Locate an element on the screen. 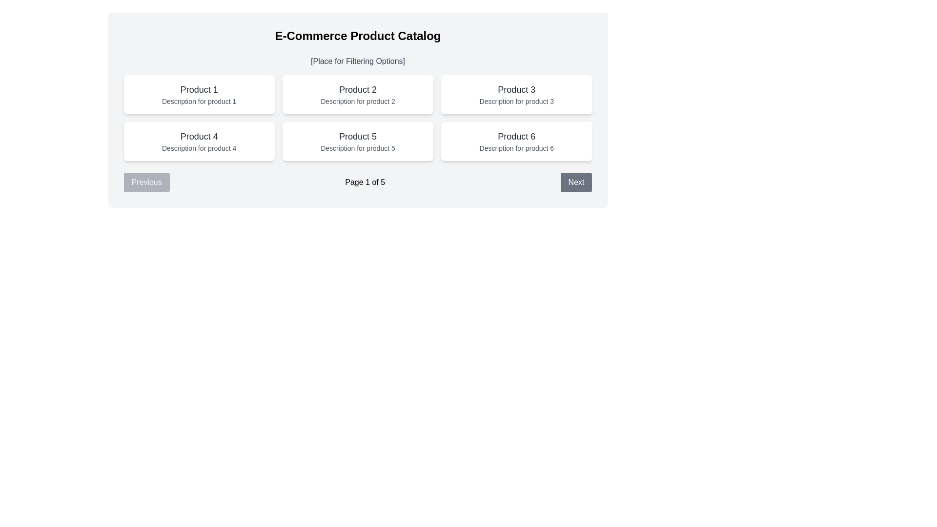 The image size is (937, 527). the descriptive Text label below 'Product 3' in the top right product card is located at coordinates (516, 101).